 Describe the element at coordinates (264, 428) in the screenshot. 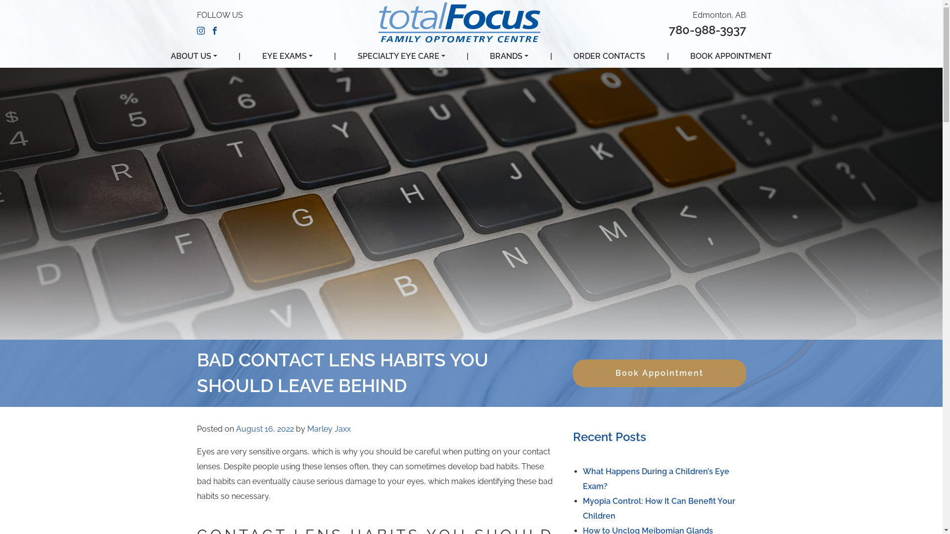

I see `'August 16, 2022'` at that location.